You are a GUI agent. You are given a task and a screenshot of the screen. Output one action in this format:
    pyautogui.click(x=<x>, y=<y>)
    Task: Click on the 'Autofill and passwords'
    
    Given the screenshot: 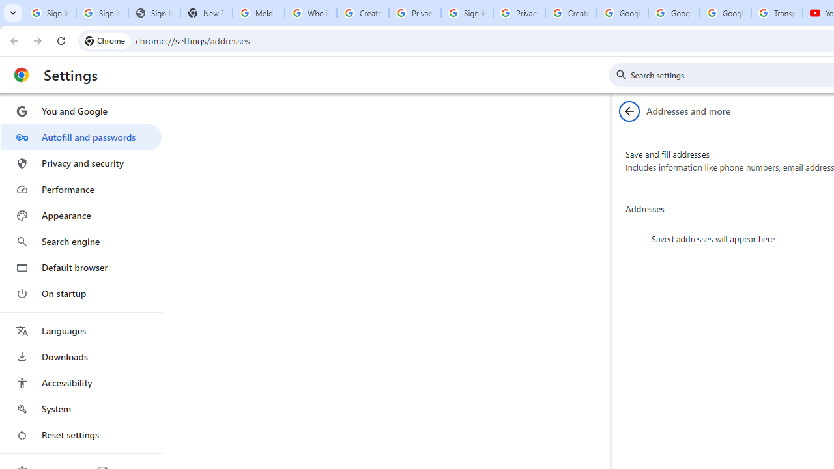 What is the action you would take?
    pyautogui.click(x=80, y=137)
    